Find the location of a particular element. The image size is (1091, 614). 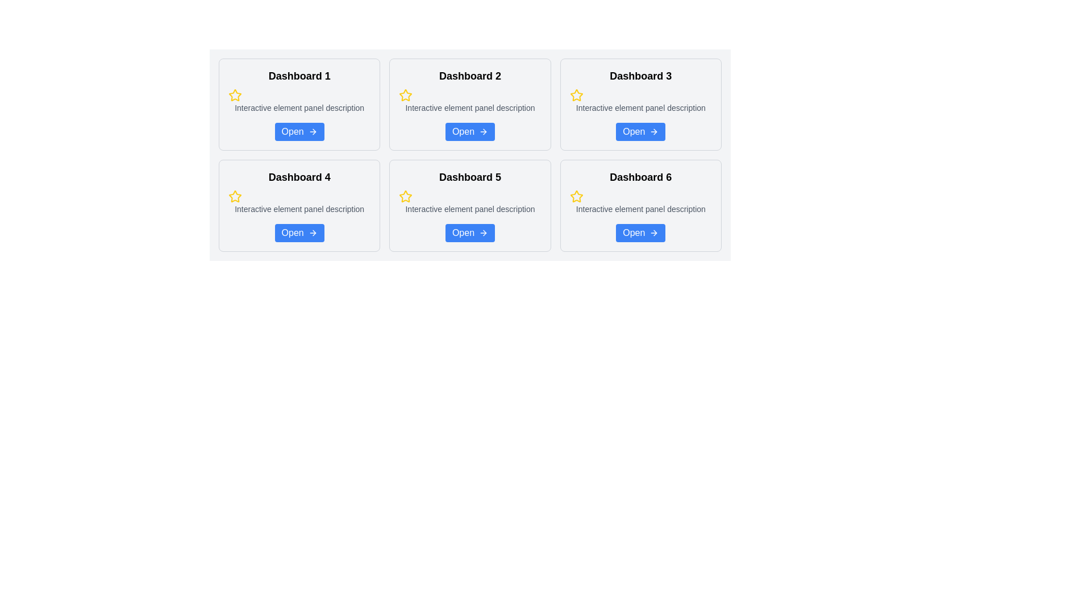

the yellow outlined star icon located above the 'Dashboard 3' title is located at coordinates (576, 94).